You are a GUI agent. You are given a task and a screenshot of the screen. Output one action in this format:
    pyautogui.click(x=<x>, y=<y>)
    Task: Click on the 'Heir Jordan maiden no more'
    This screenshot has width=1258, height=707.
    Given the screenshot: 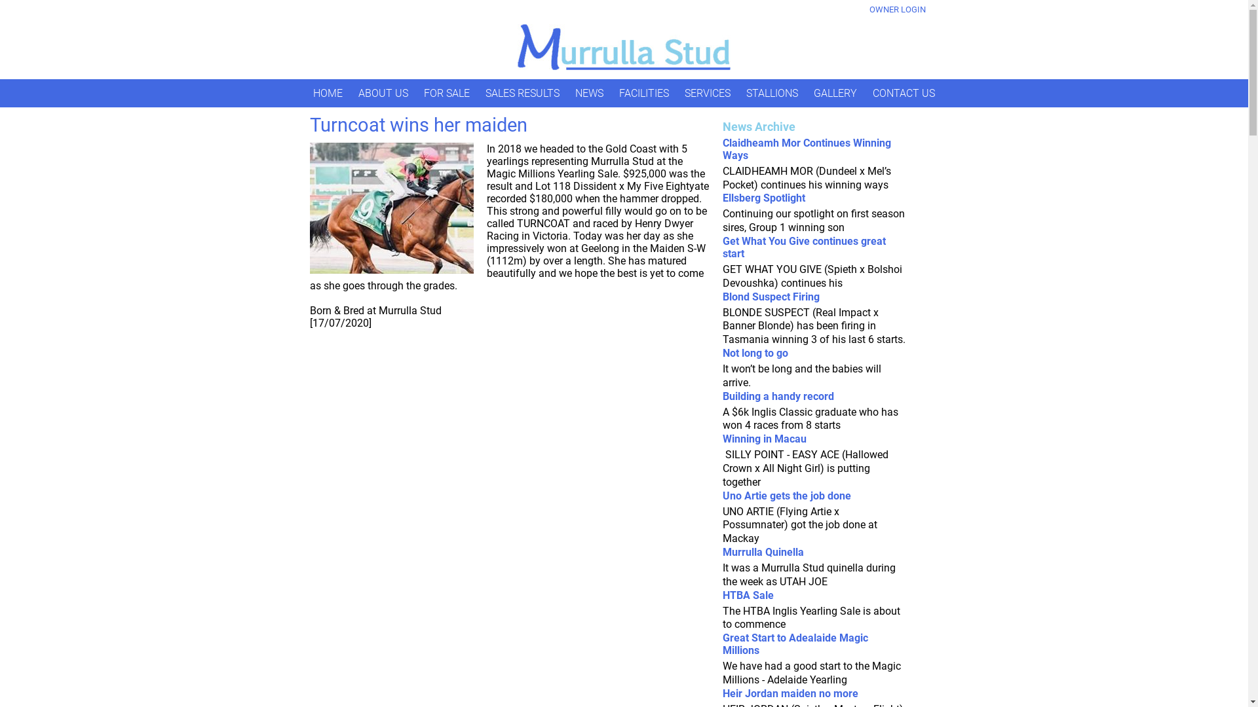 What is the action you would take?
    pyautogui.click(x=789, y=693)
    